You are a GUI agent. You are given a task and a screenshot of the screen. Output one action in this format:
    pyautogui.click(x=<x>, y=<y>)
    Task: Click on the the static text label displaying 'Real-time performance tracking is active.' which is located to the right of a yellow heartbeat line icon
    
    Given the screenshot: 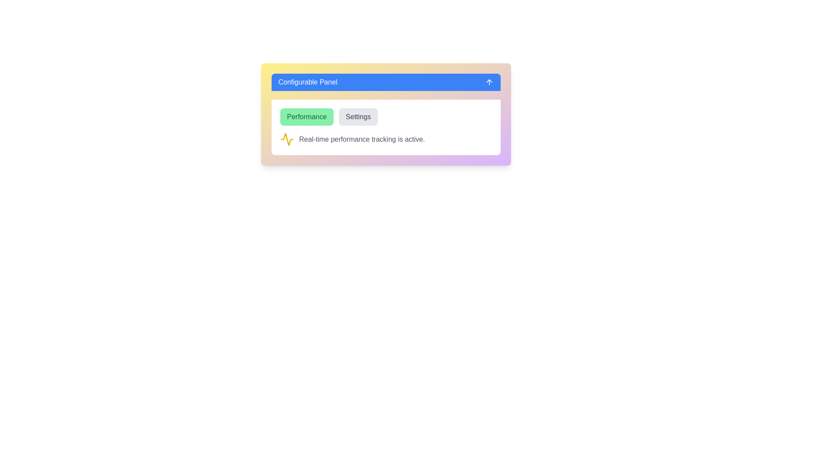 What is the action you would take?
    pyautogui.click(x=362, y=139)
    